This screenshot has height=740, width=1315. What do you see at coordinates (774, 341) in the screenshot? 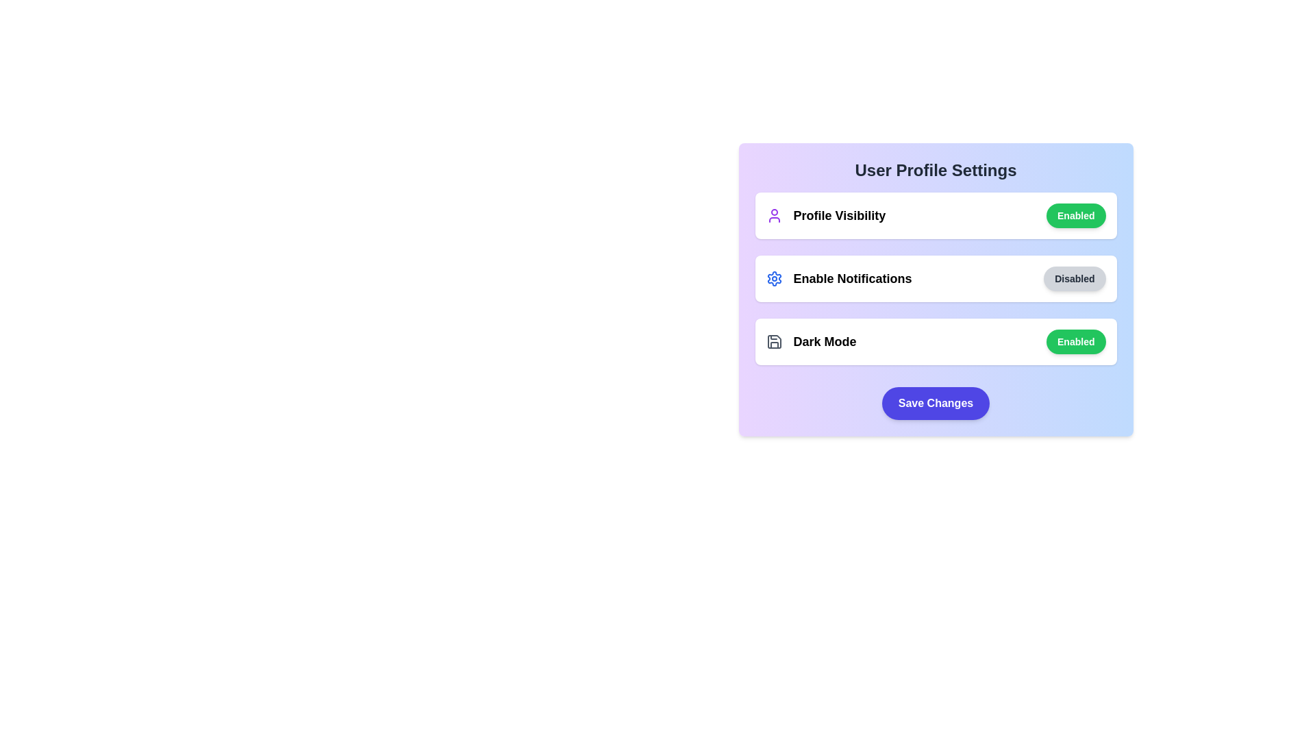
I see `the icon representing the setting Dark Mode` at bounding box center [774, 341].